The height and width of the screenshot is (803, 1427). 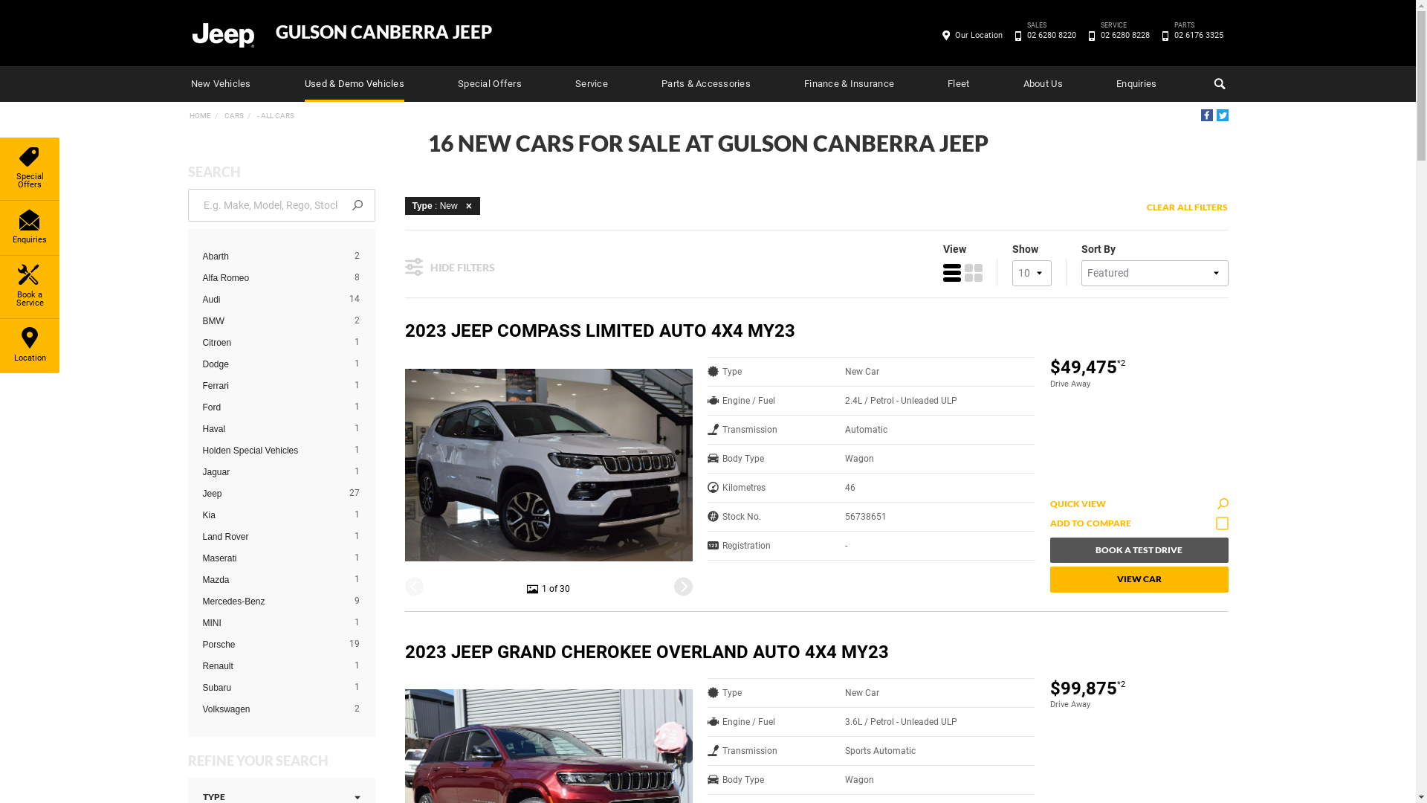 What do you see at coordinates (270, 578) in the screenshot?
I see `'Mazda'` at bounding box center [270, 578].